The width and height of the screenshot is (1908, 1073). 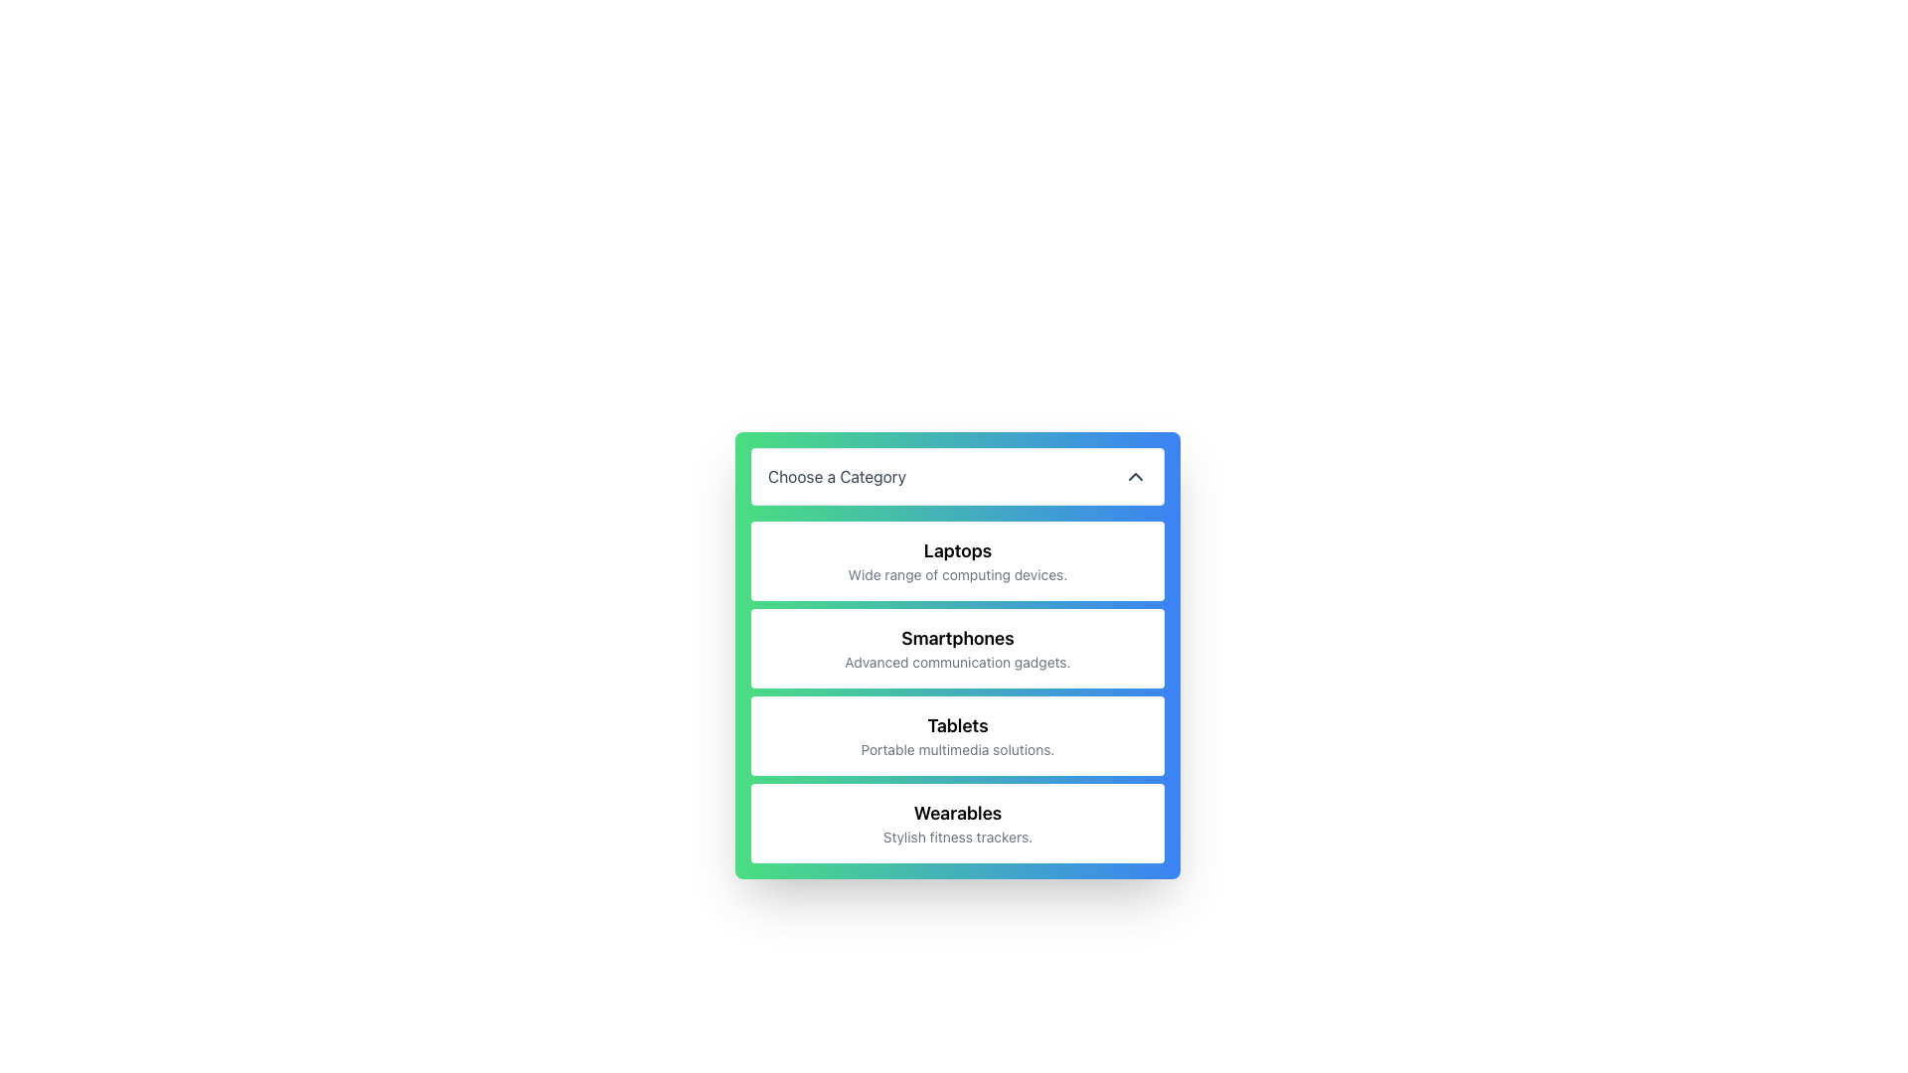 What do you see at coordinates (958, 750) in the screenshot?
I see `the static text label that reads 'Portable multimedia solutions.' which is located below the 'Tablets' heading in the selectable card labeled 'Tablets'` at bounding box center [958, 750].